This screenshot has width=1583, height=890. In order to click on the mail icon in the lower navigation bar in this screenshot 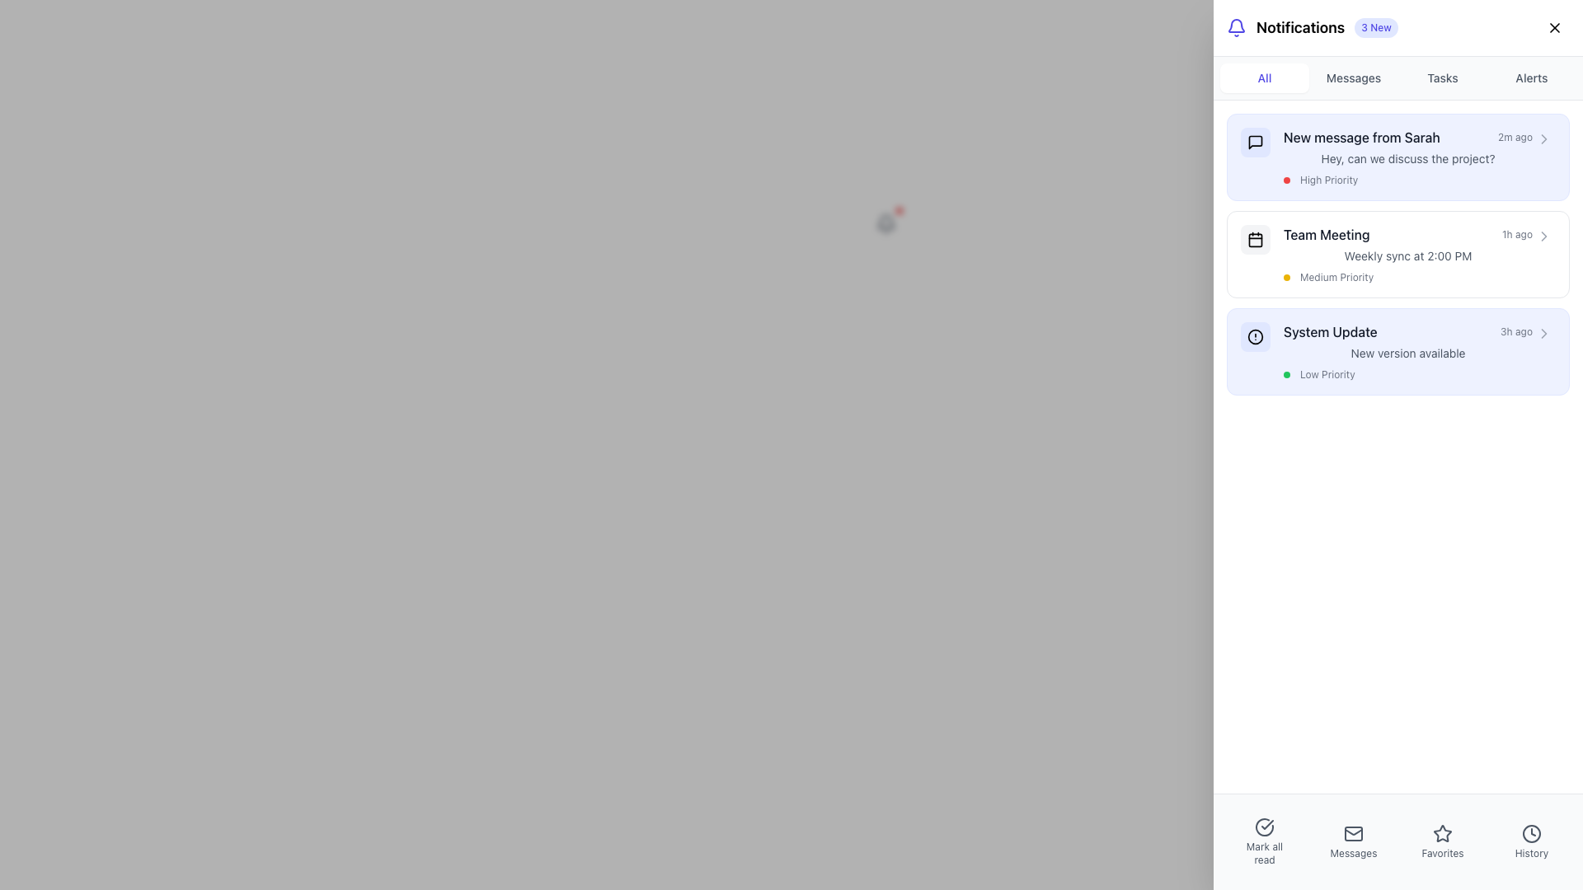, I will do `click(1353, 833)`.